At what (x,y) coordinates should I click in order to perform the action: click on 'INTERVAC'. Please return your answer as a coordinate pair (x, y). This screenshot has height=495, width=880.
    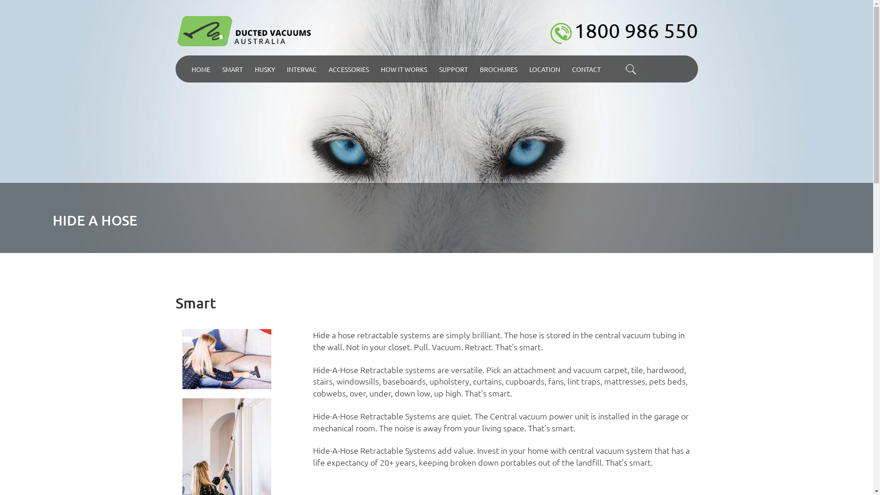
    Looking at the image, I should click on (280, 68).